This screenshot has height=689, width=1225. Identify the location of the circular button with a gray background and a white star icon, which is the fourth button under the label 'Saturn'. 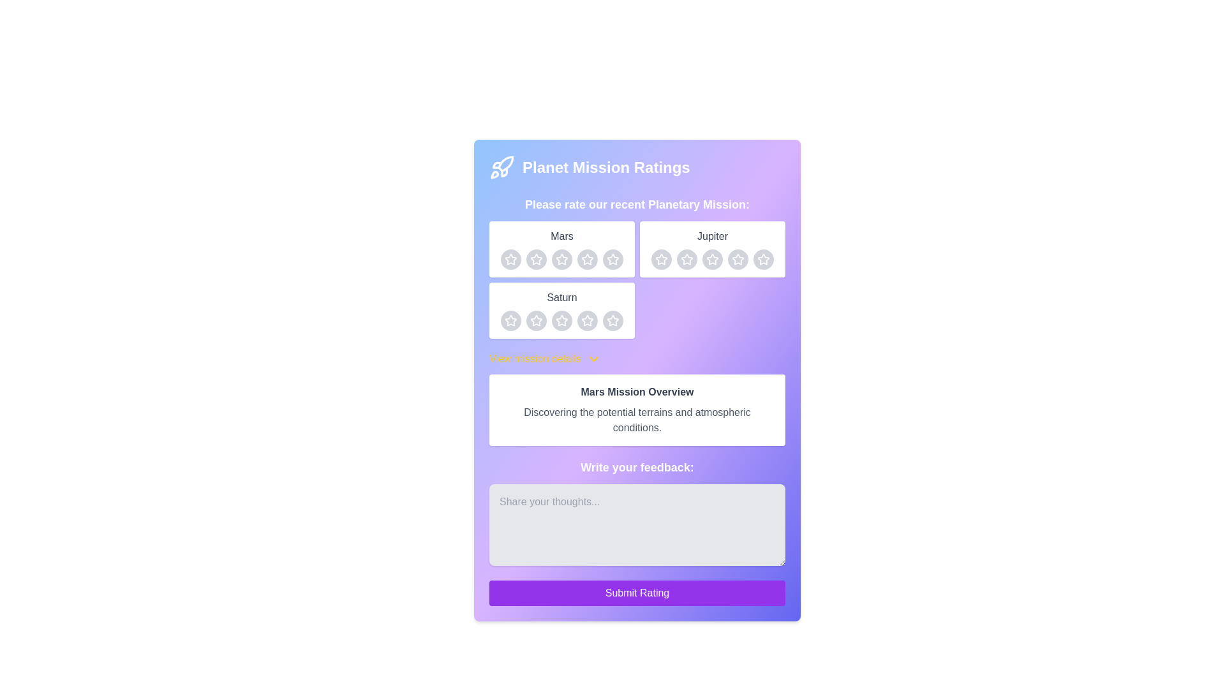
(587, 320).